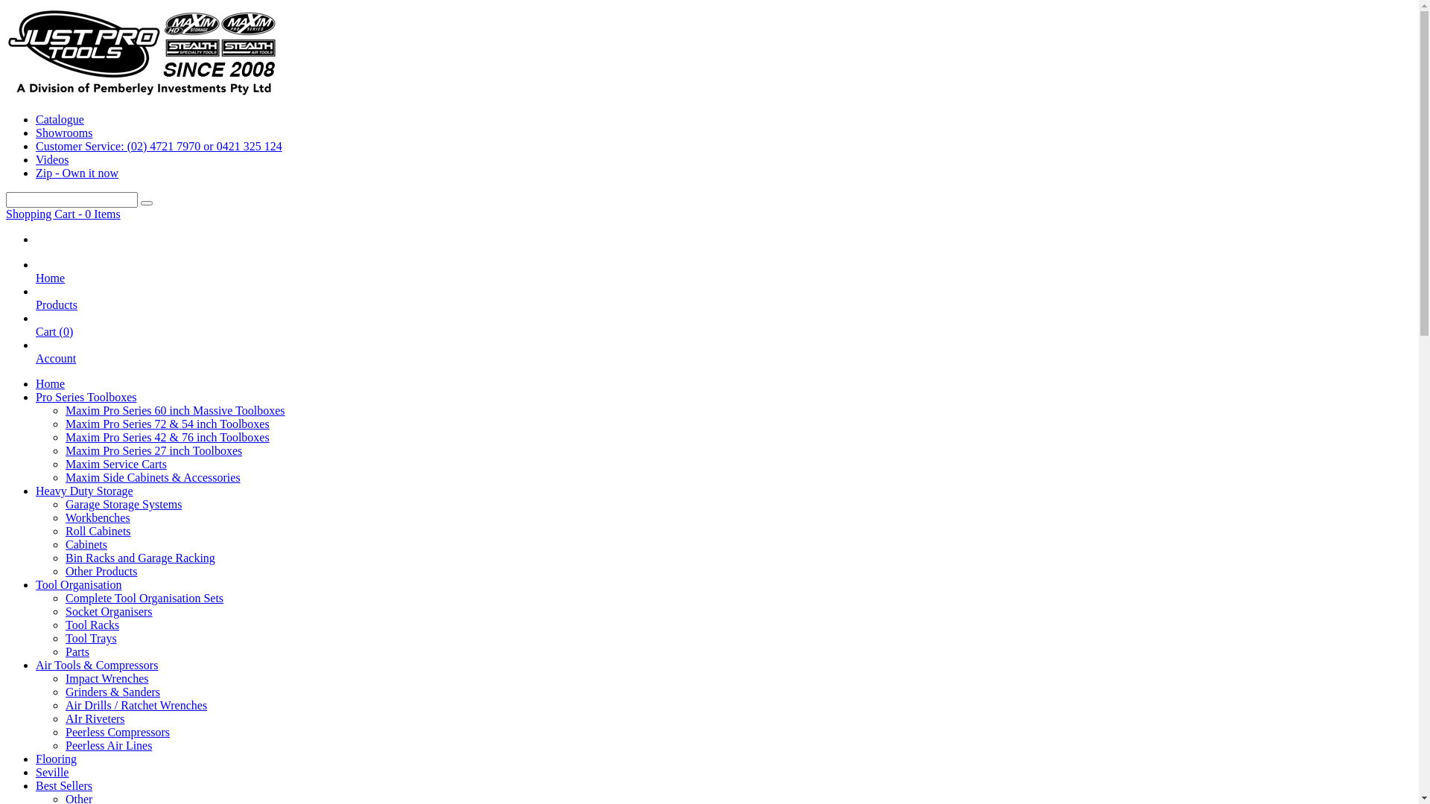 This screenshot has height=804, width=1430. Describe the element at coordinates (54, 338) in the screenshot. I see `'Cart (0)'` at that location.